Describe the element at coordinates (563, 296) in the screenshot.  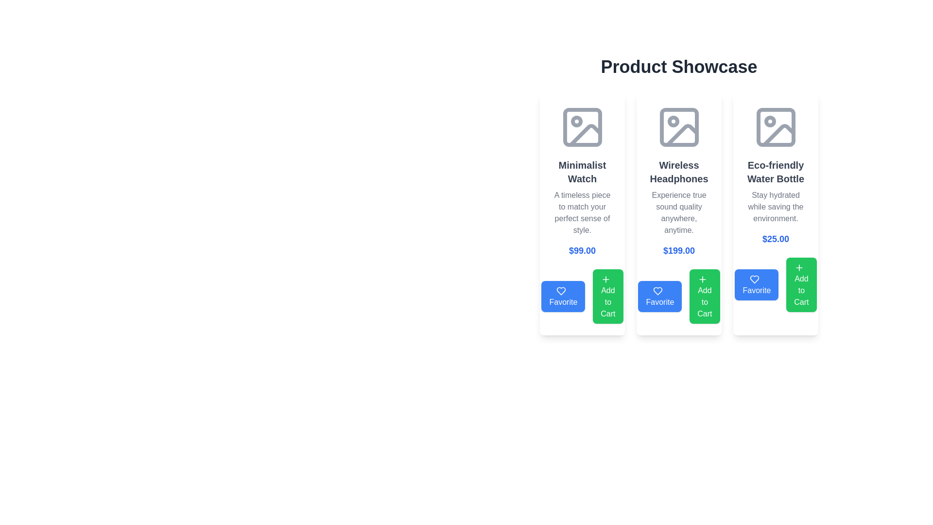
I see `the 'Mark as Favorite' button for the product 'Minimalist Watch'` at that location.